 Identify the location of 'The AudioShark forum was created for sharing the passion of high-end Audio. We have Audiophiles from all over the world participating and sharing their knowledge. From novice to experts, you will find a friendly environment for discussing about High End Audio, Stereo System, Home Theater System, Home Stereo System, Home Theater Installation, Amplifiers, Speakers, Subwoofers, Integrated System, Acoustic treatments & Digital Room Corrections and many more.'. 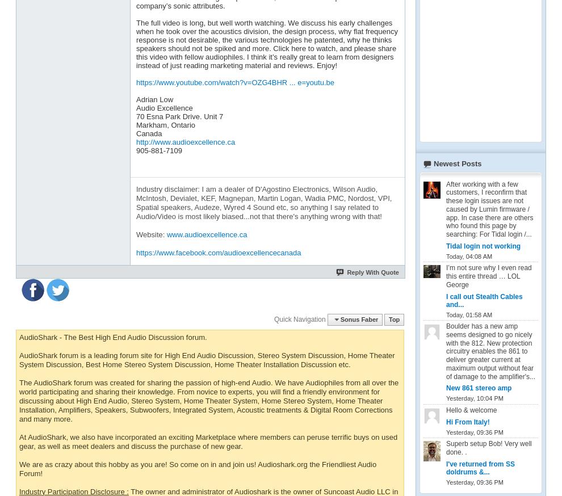
(208, 400).